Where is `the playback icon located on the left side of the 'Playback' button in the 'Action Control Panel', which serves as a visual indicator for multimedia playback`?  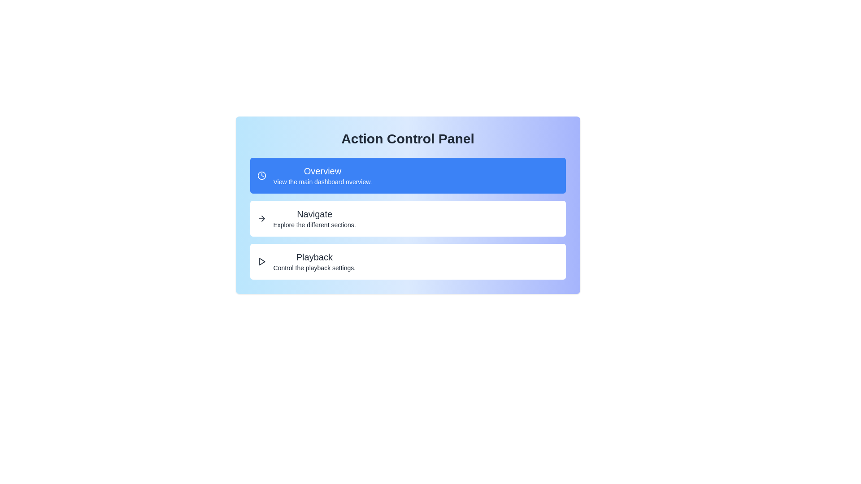 the playback icon located on the left side of the 'Playback' button in the 'Action Control Panel', which serves as a visual indicator for multimedia playback is located at coordinates (261, 261).